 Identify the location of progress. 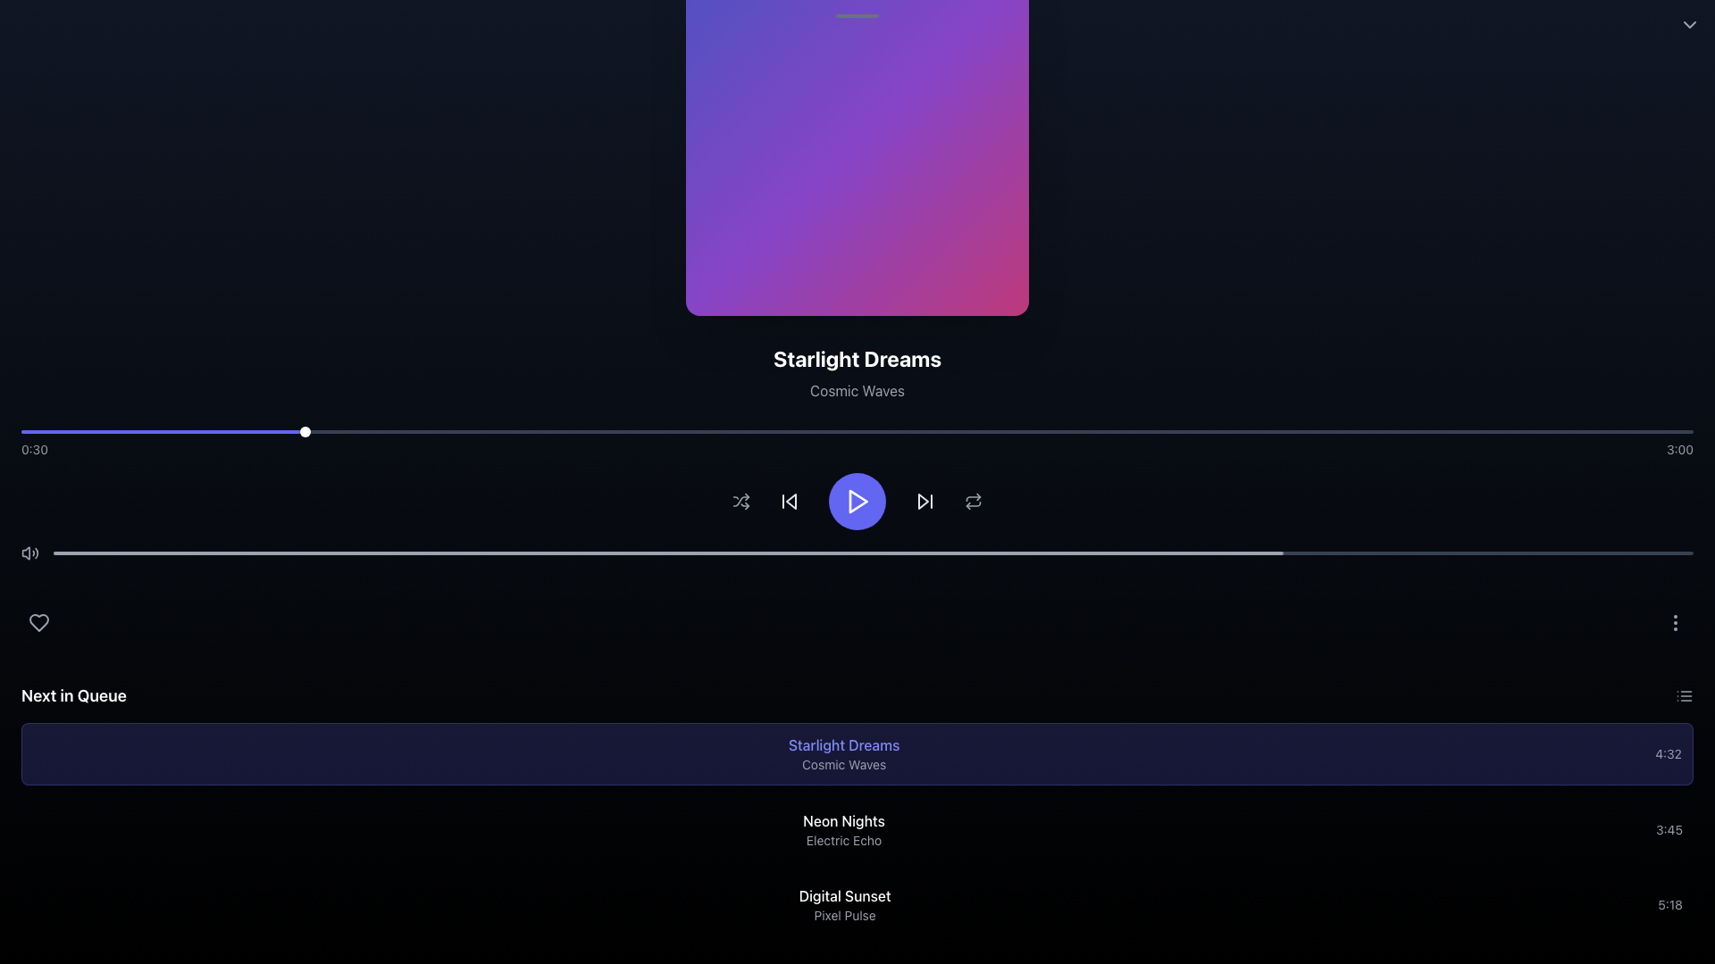
(226, 431).